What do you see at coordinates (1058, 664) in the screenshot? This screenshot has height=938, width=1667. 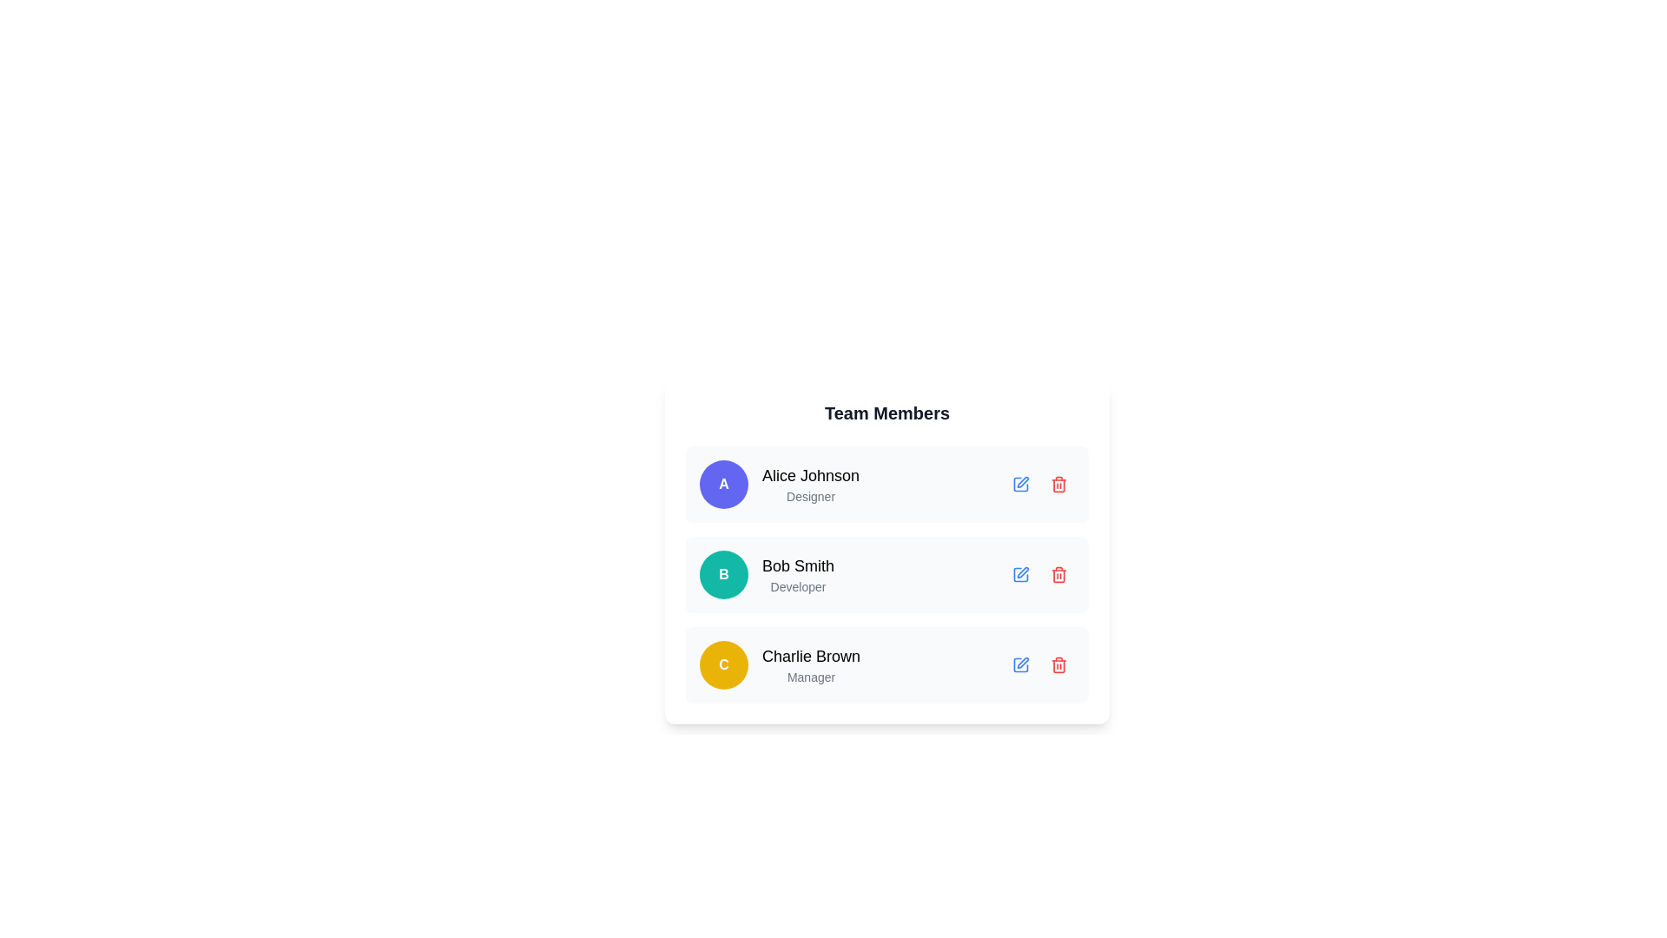 I see `the delete button located at the far right of the row item for 'Charlie Brown, Manager'` at bounding box center [1058, 664].